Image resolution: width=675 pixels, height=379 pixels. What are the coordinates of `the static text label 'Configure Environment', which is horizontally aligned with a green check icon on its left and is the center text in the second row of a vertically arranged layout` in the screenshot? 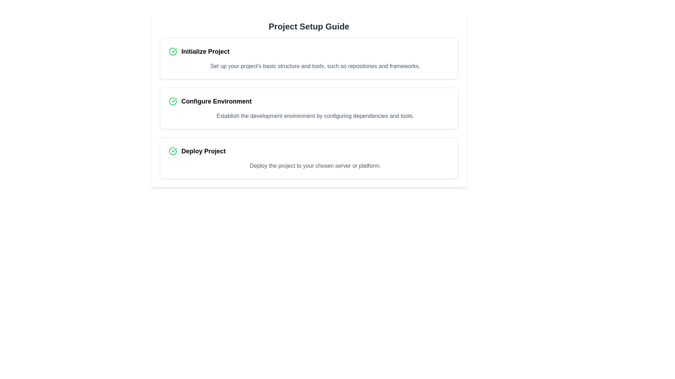 It's located at (216, 101).